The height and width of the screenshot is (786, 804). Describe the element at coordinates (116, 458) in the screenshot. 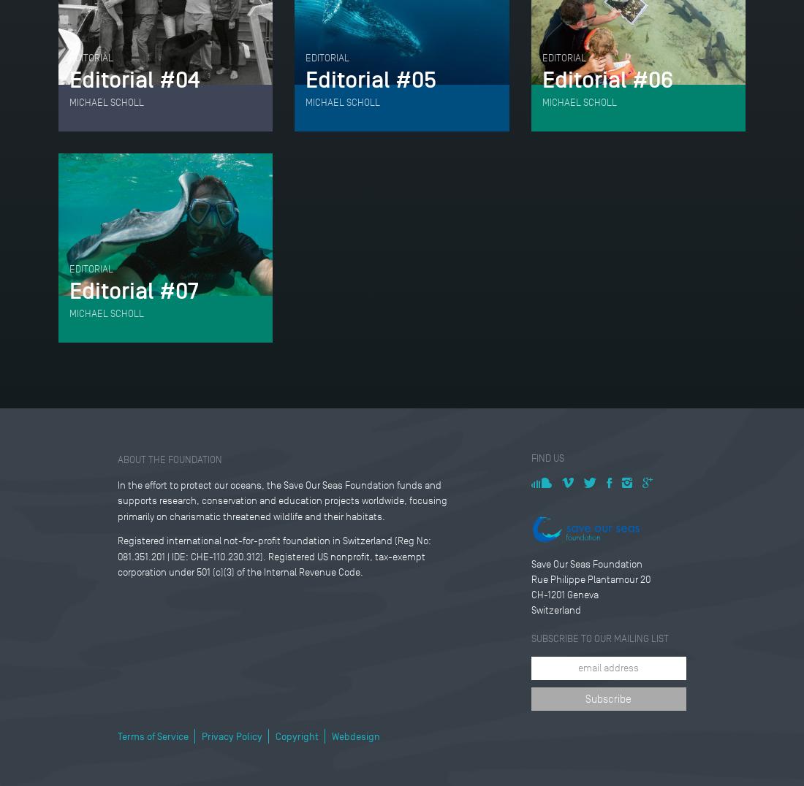

I see `'About the foundation'` at that location.